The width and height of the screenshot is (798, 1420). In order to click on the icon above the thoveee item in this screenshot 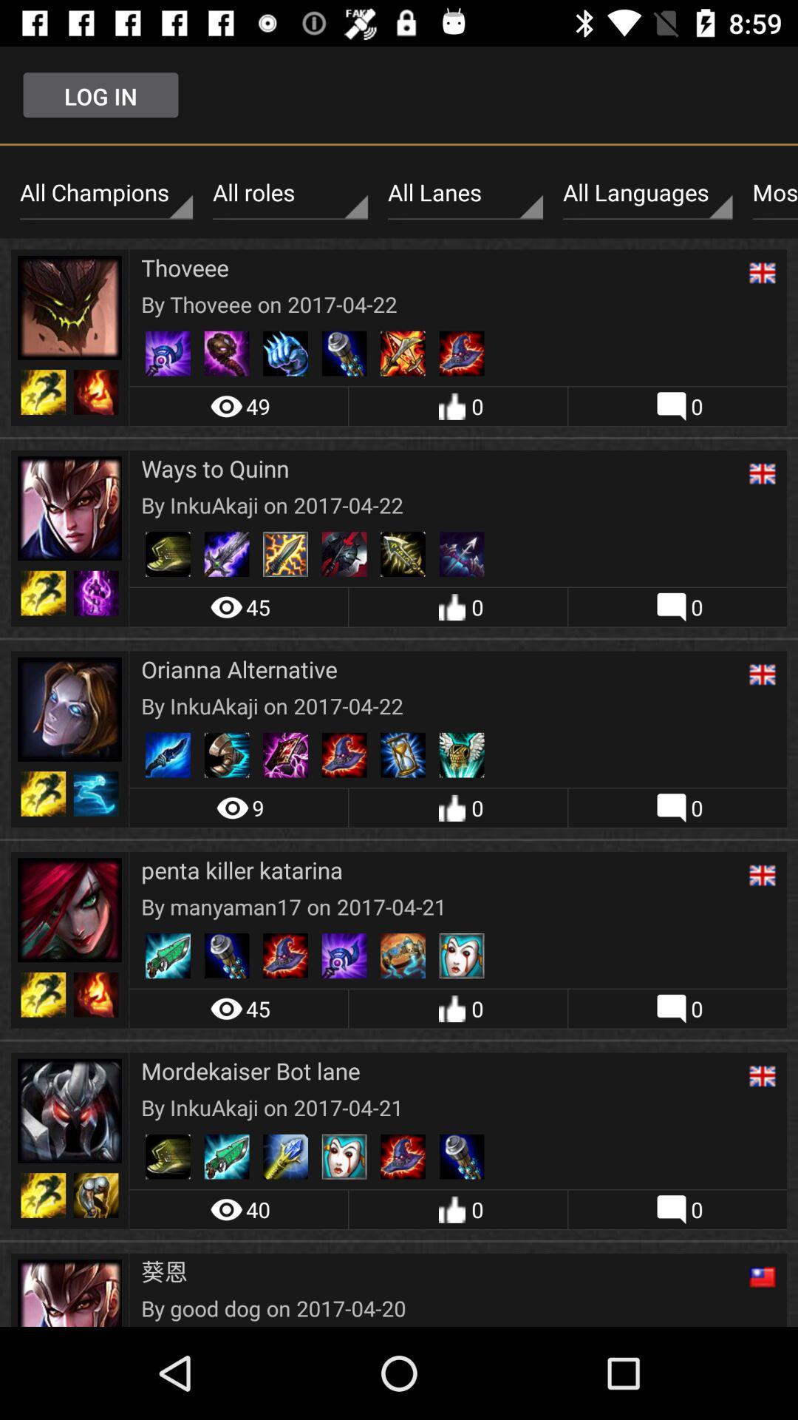, I will do `click(290, 192)`.